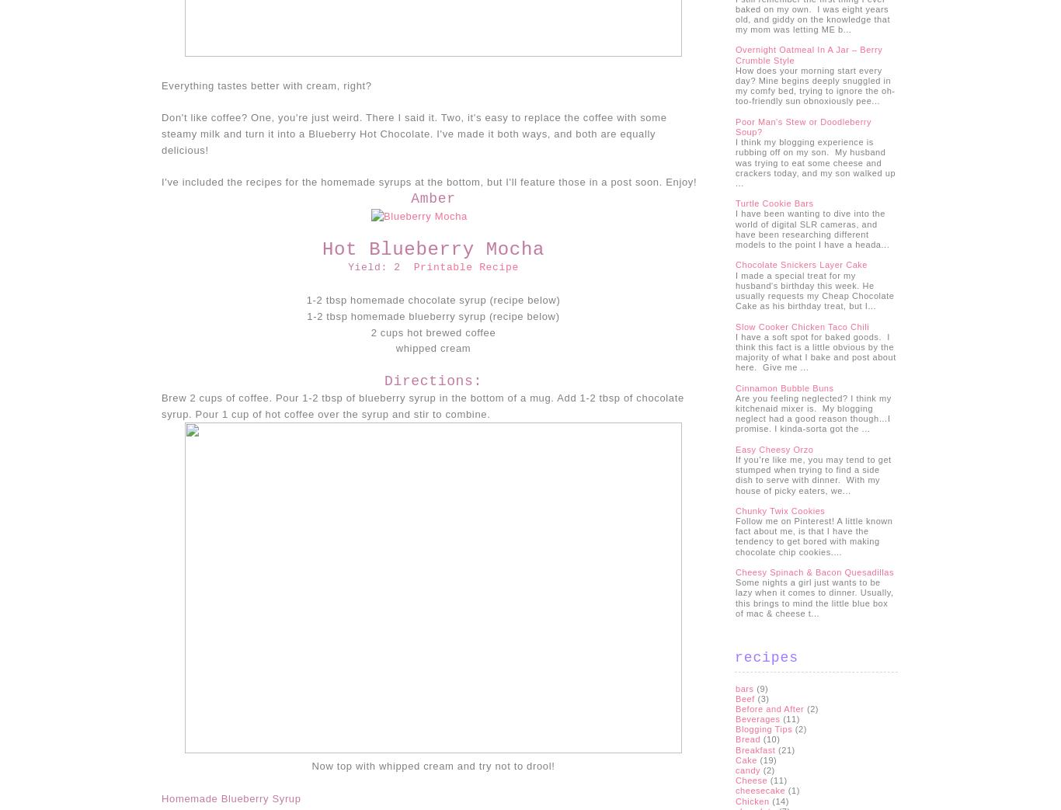  What do you see at coordinates (815, 350) in the screenshot?
I see `'I have a soft spot for baked goods.  I think this fact is a little obvious by the majority of what I bake and post about here.  Give me ...'` at bounding box center [815, 350].